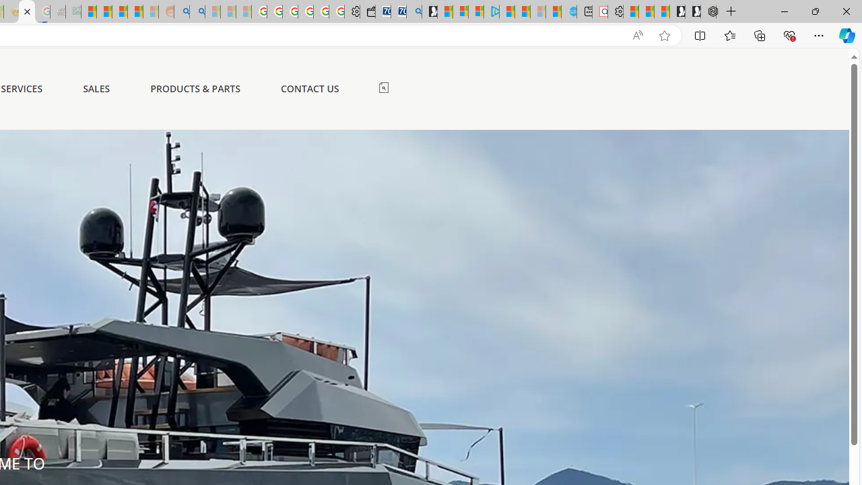  Describe the element at coordinates (96, 88) in the screenshot. I see `'SALES'` at that location.